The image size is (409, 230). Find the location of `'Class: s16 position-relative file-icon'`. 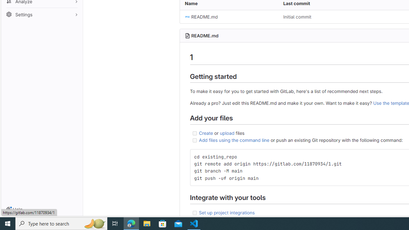

'Class: s16 position-relative file-icon' is located at coordinates (187, 17).